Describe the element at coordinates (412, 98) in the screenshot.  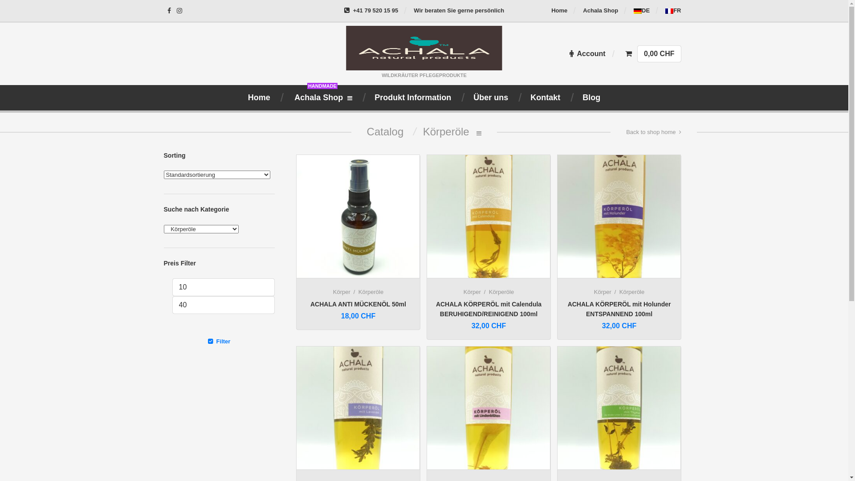
I see `'Produkt Information'` at that location.